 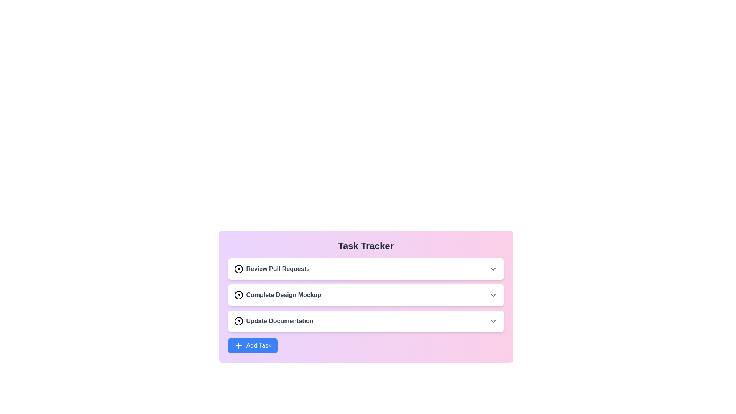 What do you see at coordinates (252, 346) in the screenshot?
I see `the 'Add Task' button to initiate the task addition process` at bounding box center [252, 346].